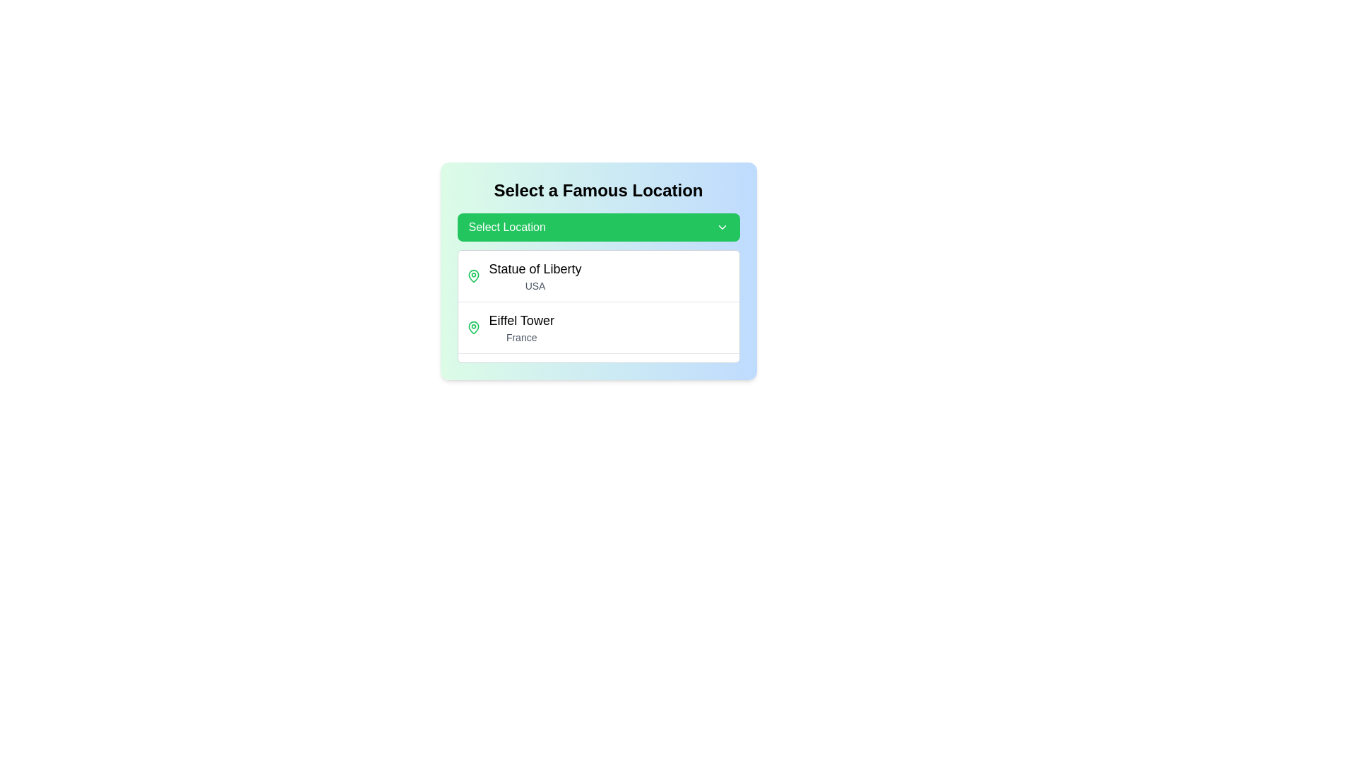 Image resolution: width=1356 pixels, height=763 pixels. What do you see at coordinates (598, 327) in the screenshot?
I see `the clickable list item representing 'Eiffel Tower', which is the second entry in a list beneath 'Statue of Liberty, USA' and above 'Great Wall of China, China'` at bounding box center [598, 327].